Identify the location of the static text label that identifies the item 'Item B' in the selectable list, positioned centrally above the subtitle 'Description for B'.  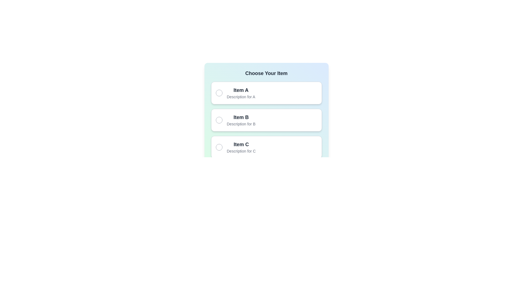
(241, 117).